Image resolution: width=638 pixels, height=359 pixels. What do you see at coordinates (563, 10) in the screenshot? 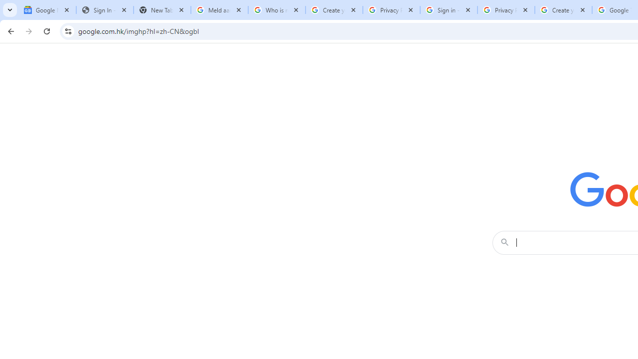
I see `'Create your Google Account'` at bounding box center [563, 10].